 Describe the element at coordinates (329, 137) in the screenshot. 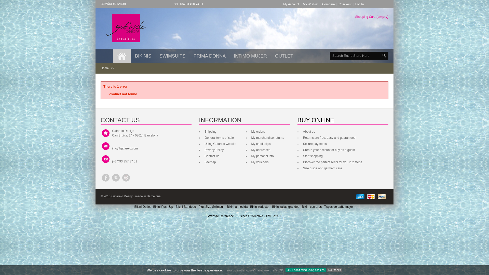

I see `'Returns are free, easy and guaranteed'` at that location.